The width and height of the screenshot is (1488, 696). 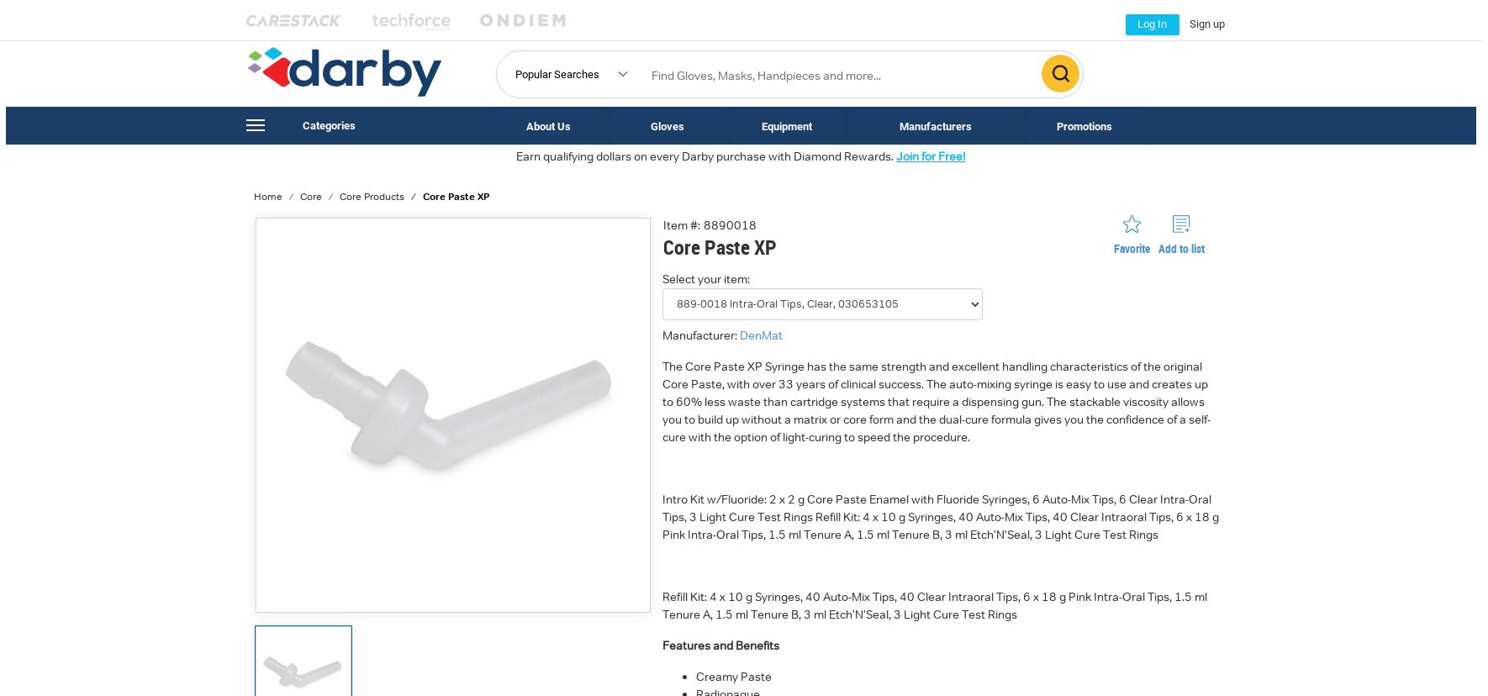 What do you see at coordinates (720, 644) in the screenshot?
I see `'Features and Benefits'` at bounding box center [720, 644].